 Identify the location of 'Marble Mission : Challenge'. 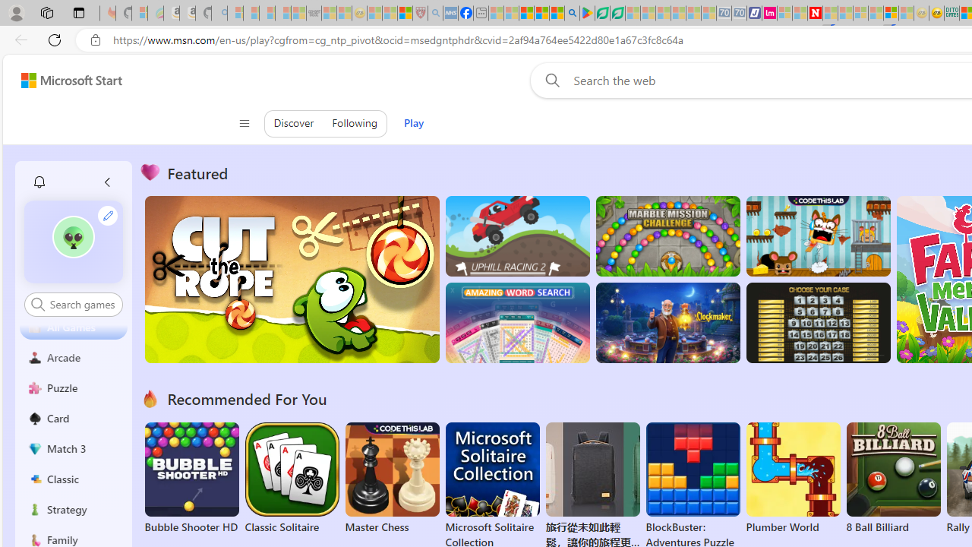
(667, 236).